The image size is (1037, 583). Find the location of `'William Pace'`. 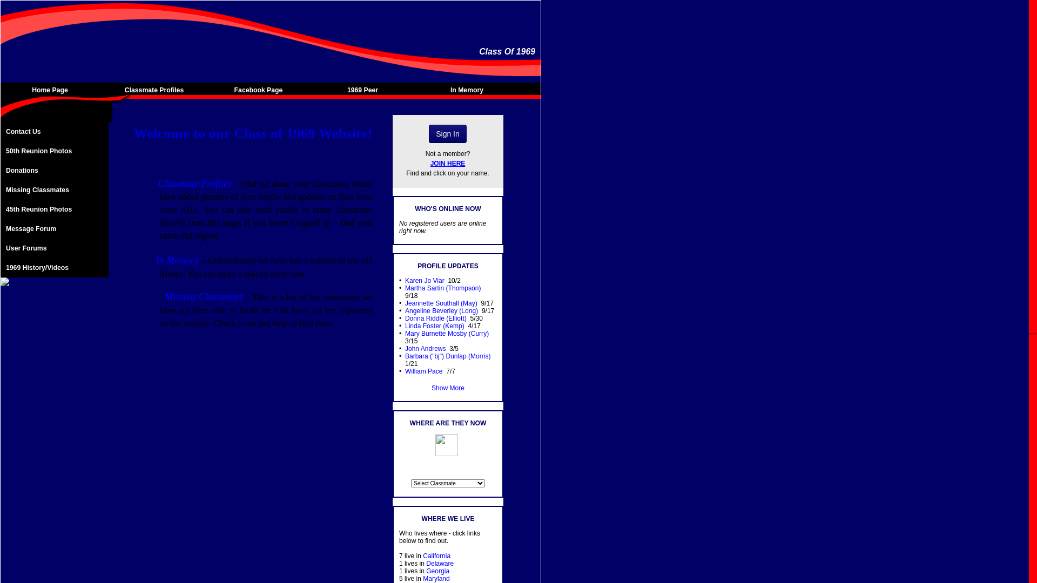

'William Pace' is located at coordinates (423, 370).